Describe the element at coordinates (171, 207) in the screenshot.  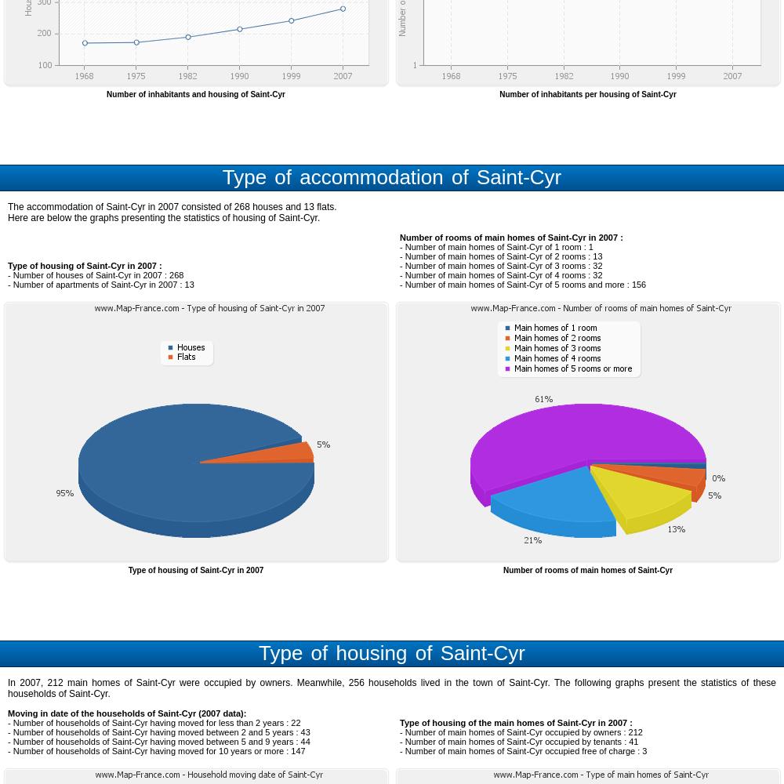
I see `'The accommodation of Saint-Cyr in 2007 consisted of 268 houses and 13 flats.'` at that location.